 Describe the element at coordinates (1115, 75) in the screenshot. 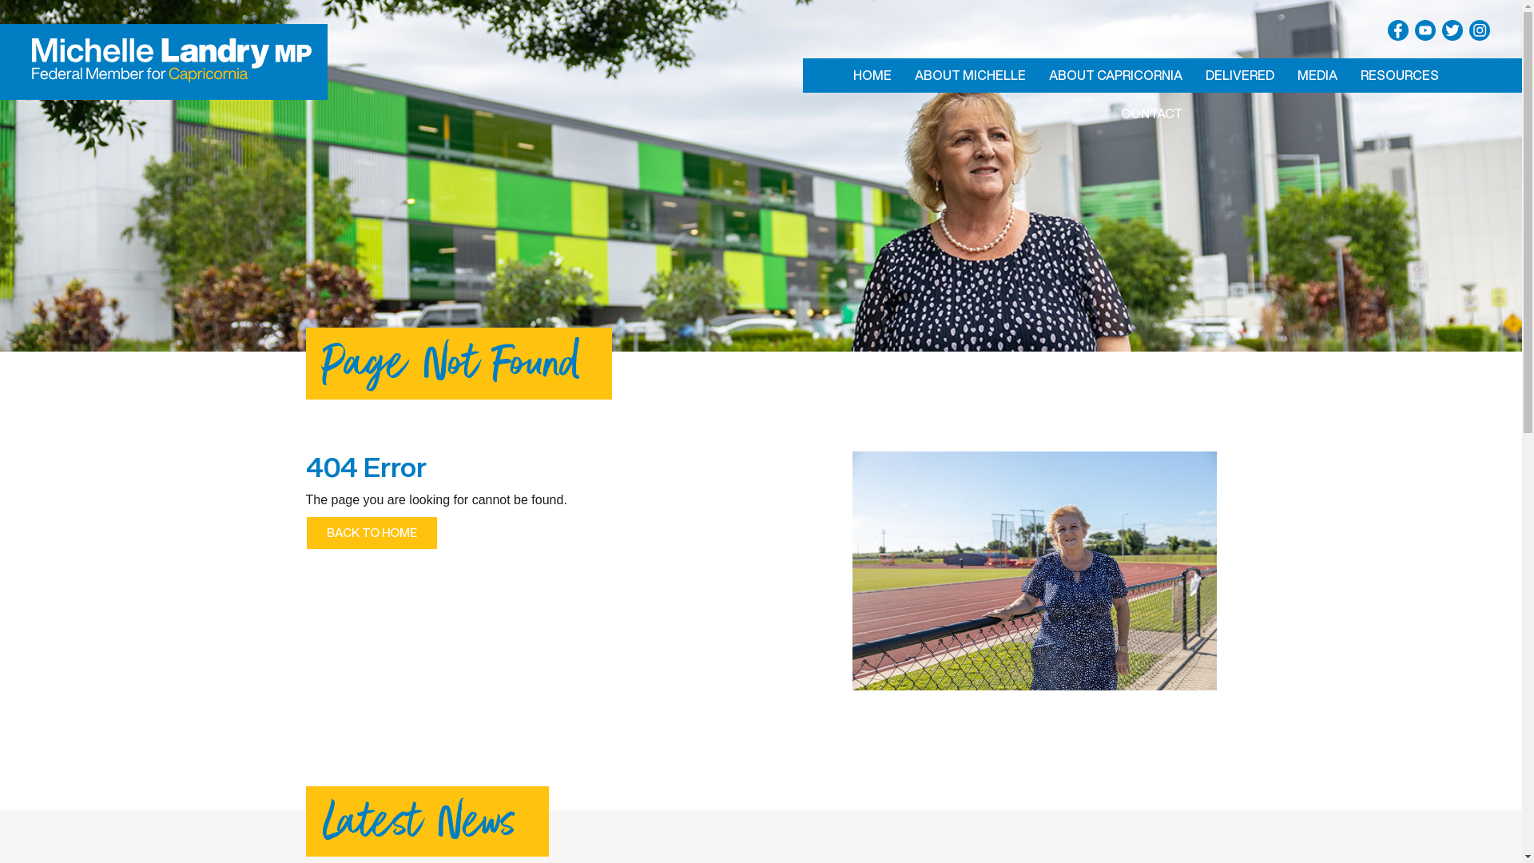

I see `'ABOUT CAPRICORNIA'` at that location.